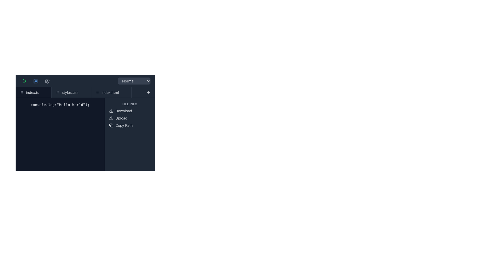  Describe the element at coordinates (70, 92) in the screenshot. I see `the text label displaying 'styles.css' located in the navigation bar` at that location.